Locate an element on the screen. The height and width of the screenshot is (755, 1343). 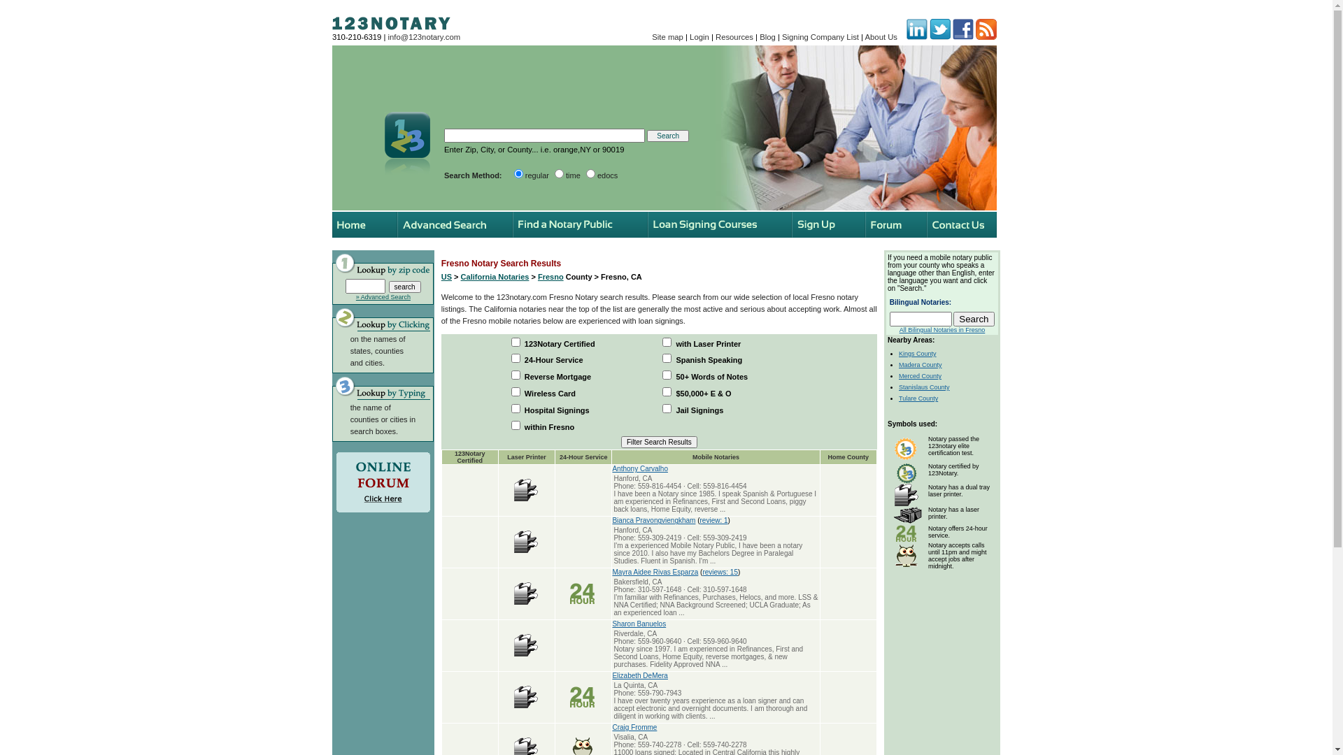
'Fresno' is located at coordinates (550, 277).